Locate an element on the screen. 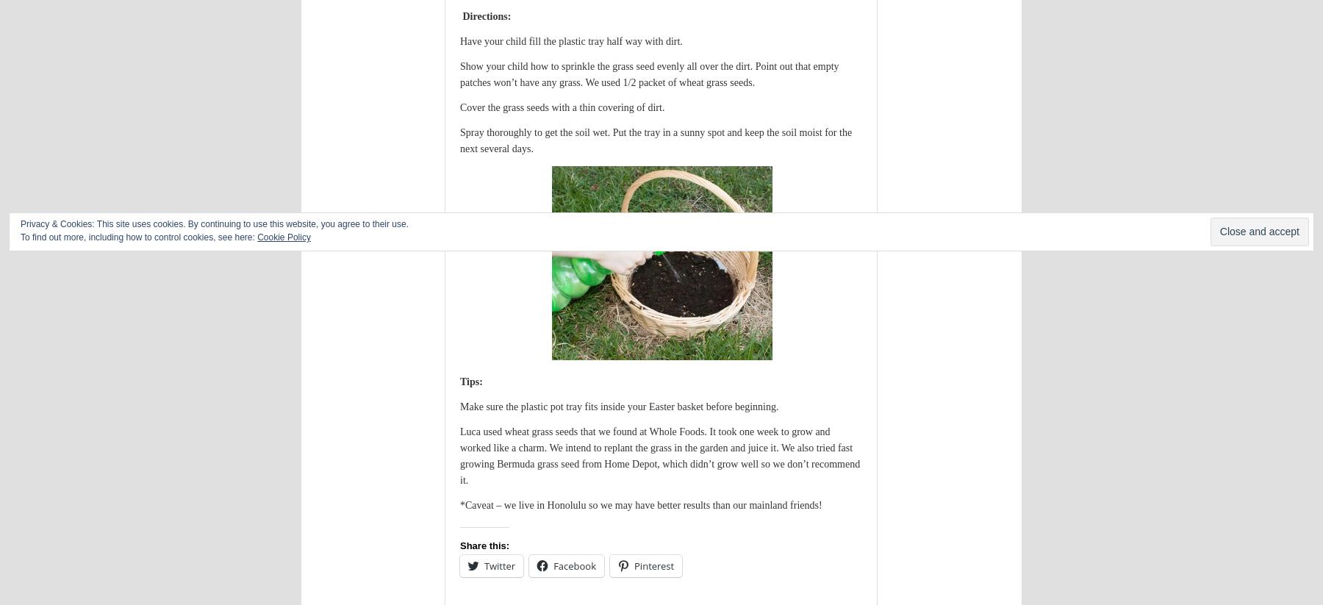 This screenshot has height=605, width=1323. 'Privacy & Cookies: This site uses cookies. By continuing to use this website, you agree to their use.' is located at coordinates (20, 223).